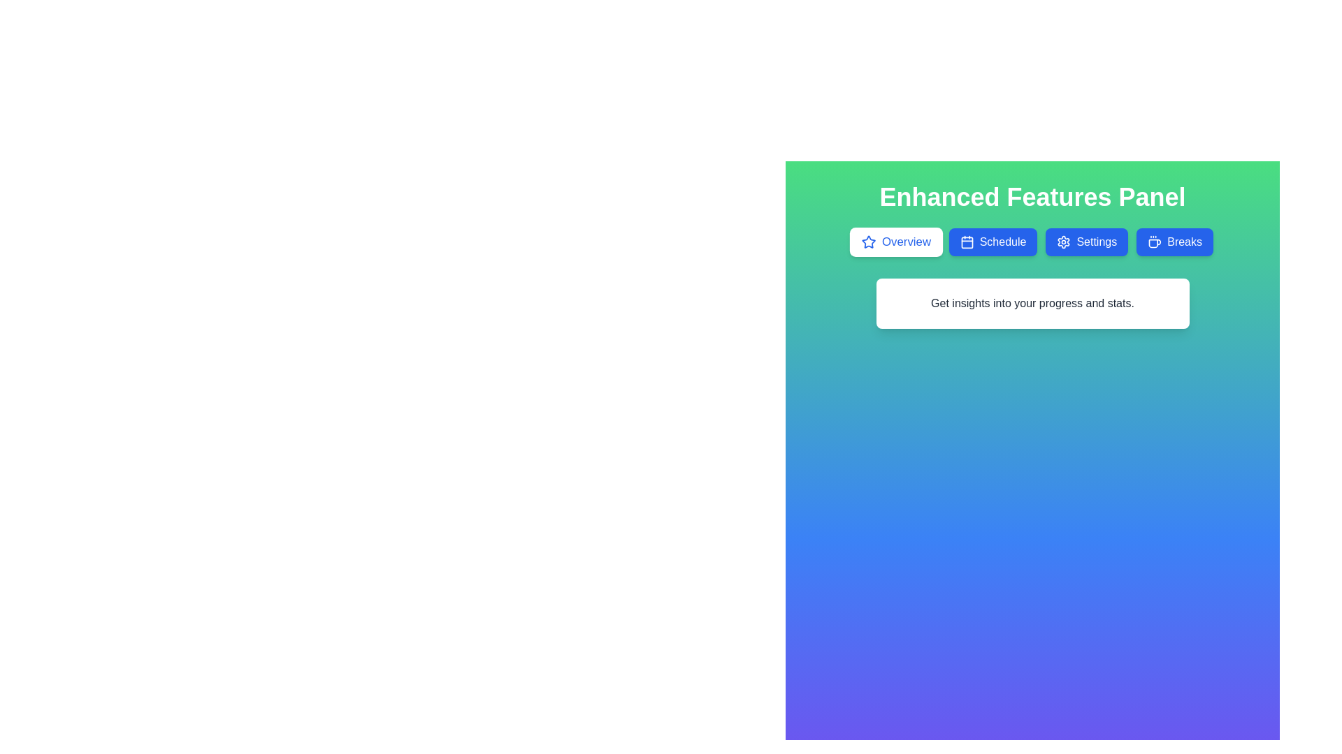  I want to click on the settings icon, which is a small gear-like shape located within the 'Settings' button, so click(1063, 242).